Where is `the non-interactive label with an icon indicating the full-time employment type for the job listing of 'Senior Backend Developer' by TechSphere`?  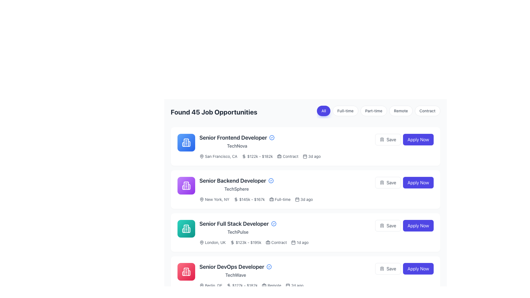 the non-interactive label with an icon indicating the full-time employment type for the job listing of 'Senior Backend Developer' by TechSphere is located at coordinates (280, 199).